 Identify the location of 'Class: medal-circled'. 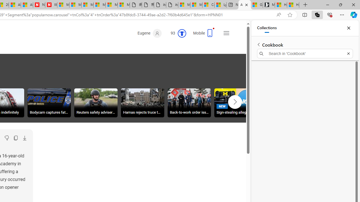
(182, 33).